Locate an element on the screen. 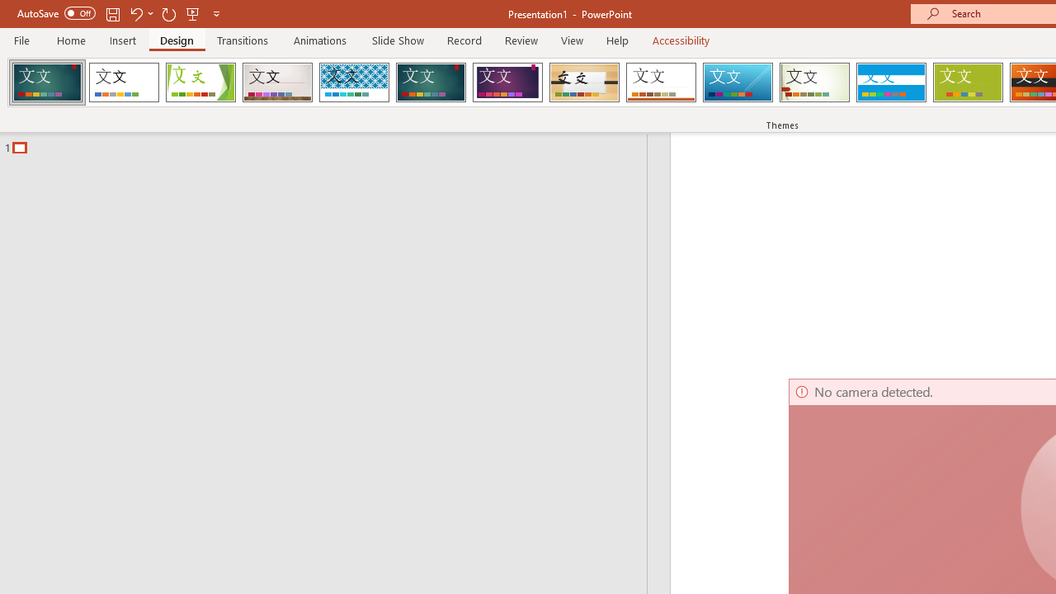 Image resolution: width=1056 pixels, height=594 pixels. 'Retrospect' is located at coordinates (661, 82).